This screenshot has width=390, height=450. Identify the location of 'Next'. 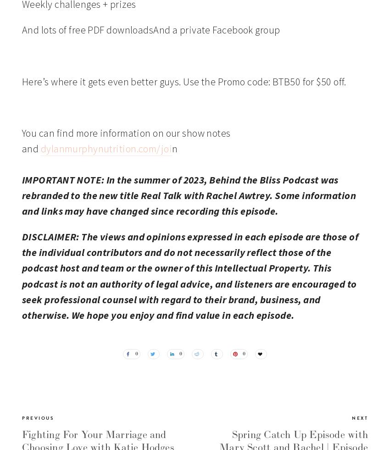
(359, 417).